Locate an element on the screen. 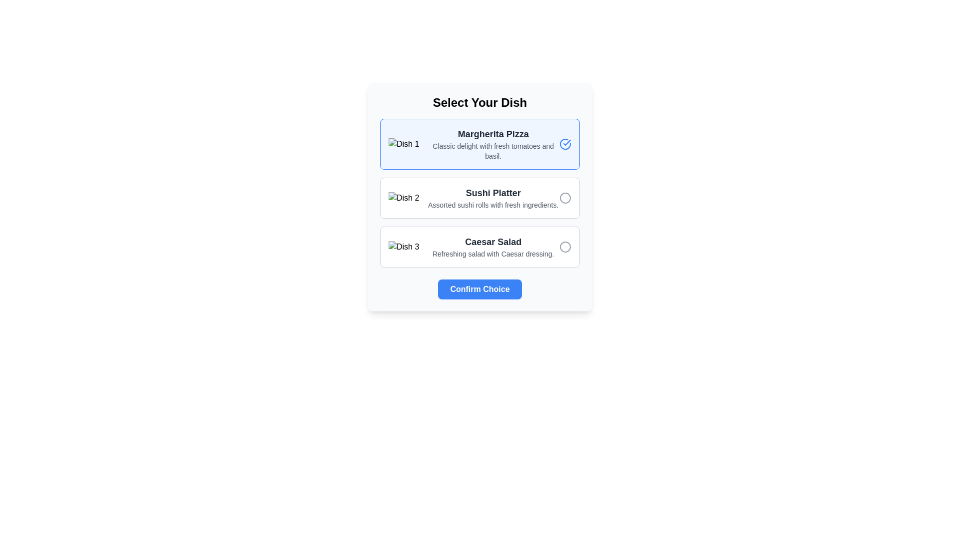 This screenshot has height=539, width=959. the Text block containing the title and description for the Caesar Salad dish, which is located within the 'Dish 3' card in a vertical list of dishes is located at coordinates (493, 247).